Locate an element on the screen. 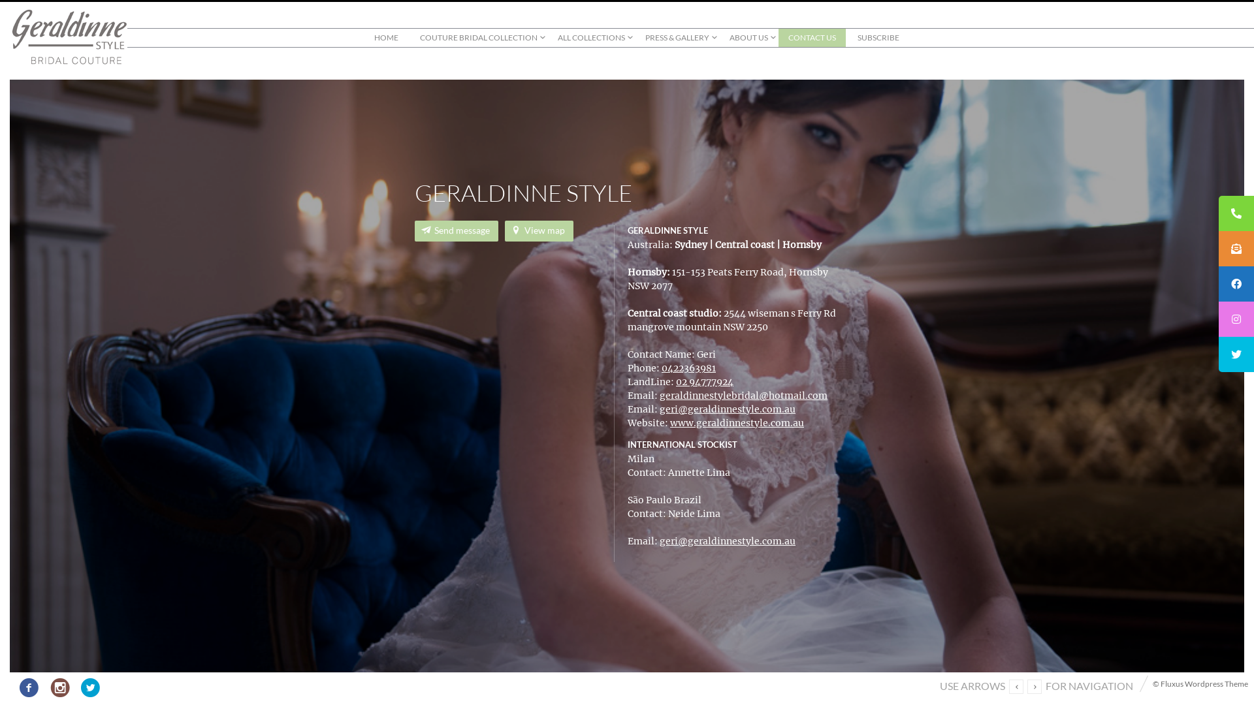  'geraldinnestylebridal@hotmail.com' is located at coordinates (743, 394).